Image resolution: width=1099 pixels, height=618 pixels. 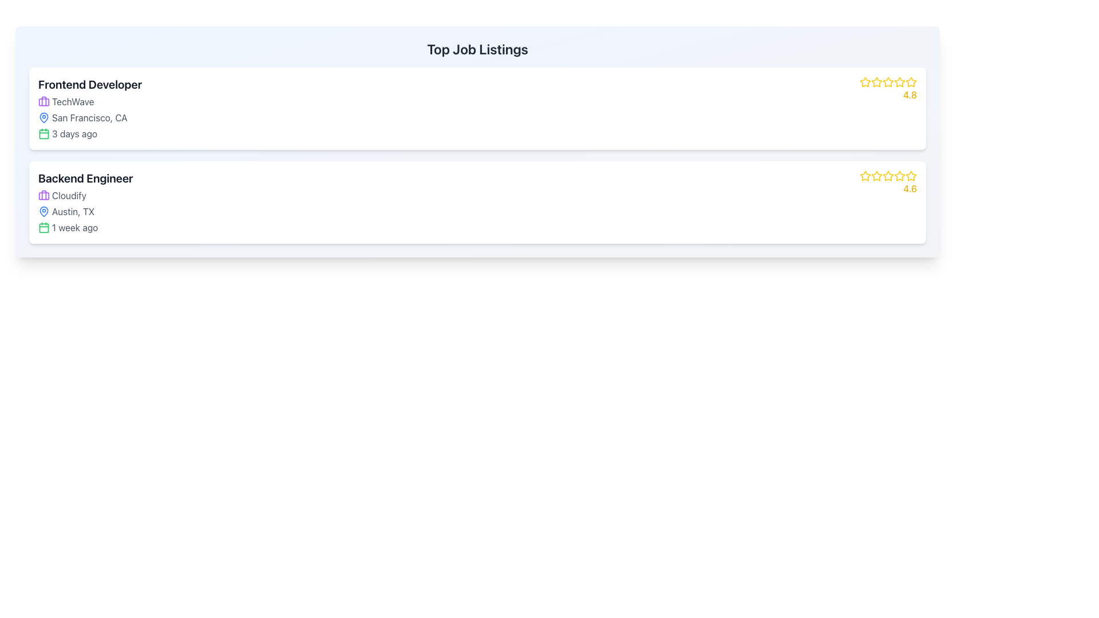 I want to click on the fifth graphical rating star icon, which is a golden-yellow filled star outlined in stroke, located in the upper-right section of the job listing card for 'Frontend Developer', so click(x=899, y=81).